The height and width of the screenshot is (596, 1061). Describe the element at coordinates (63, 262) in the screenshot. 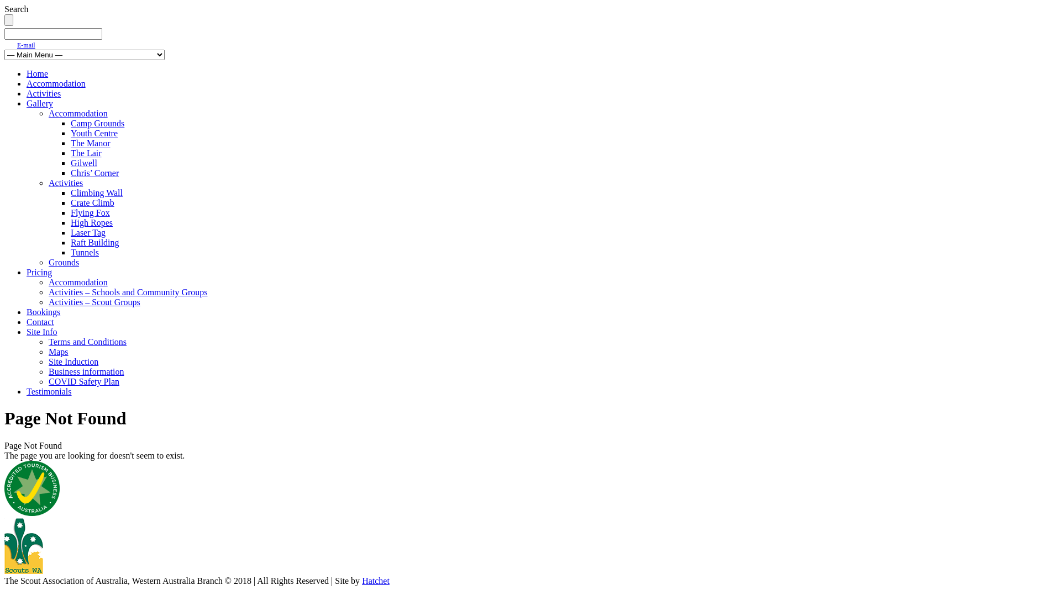

I see `'Grounds'` at that location.